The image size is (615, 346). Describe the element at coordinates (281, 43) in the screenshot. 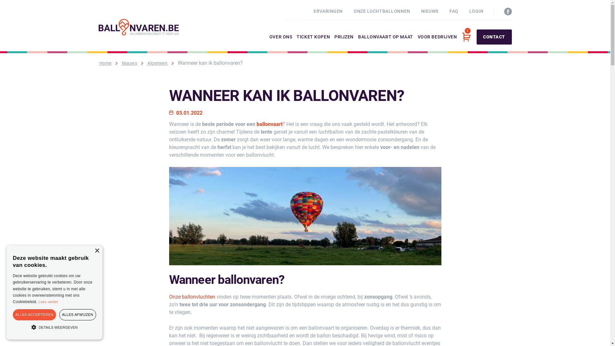

I see `'OVER ONS'` at that location.